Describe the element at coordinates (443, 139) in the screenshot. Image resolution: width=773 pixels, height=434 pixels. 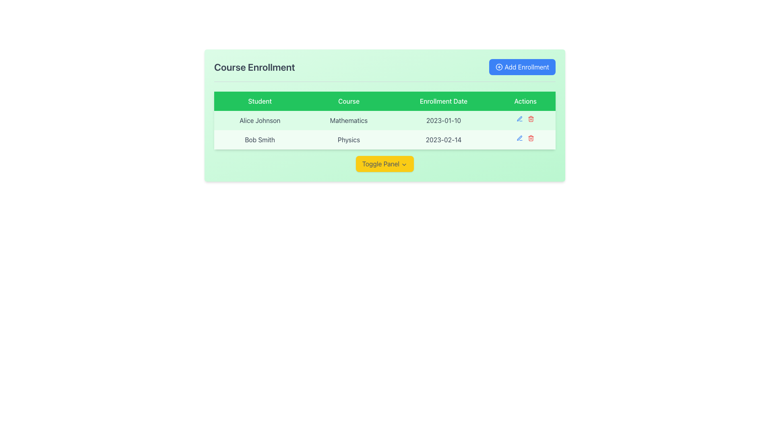
I see `the displayed information in the third cell of the second row under the 'Enrollment Date' column, which shows the enrollment date for a specific student` at that location.